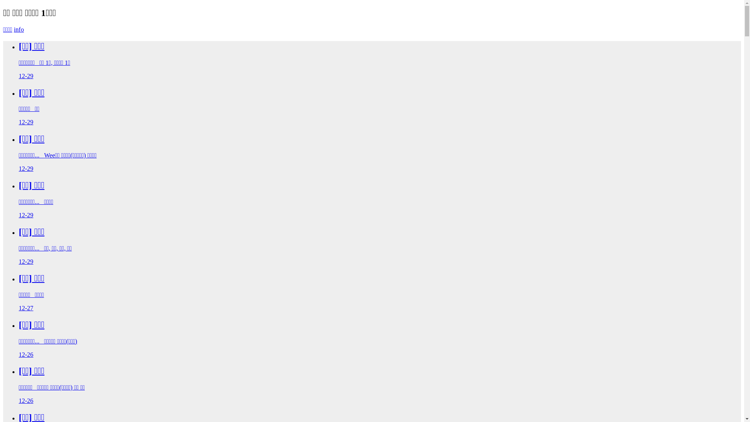 The image size is (750, 422). Describe the element at coordinates (19, 29) in the screenshot. I see `'info'` at that location.